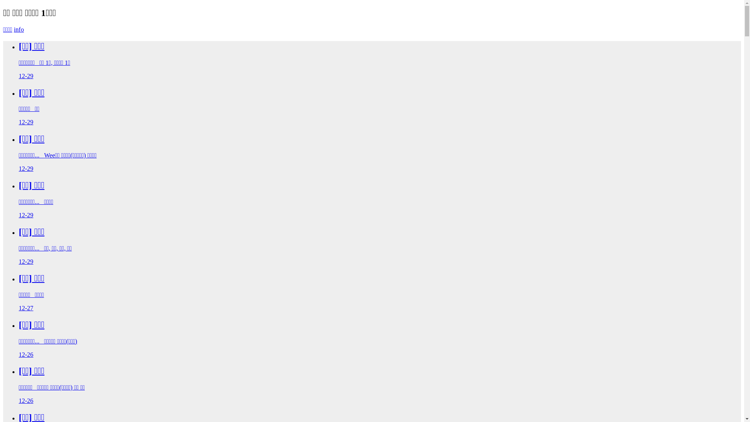 The image size is (750, 422). Describe the element at coordinates (19, 29) in the screenshot. I see `'info'` at that location.